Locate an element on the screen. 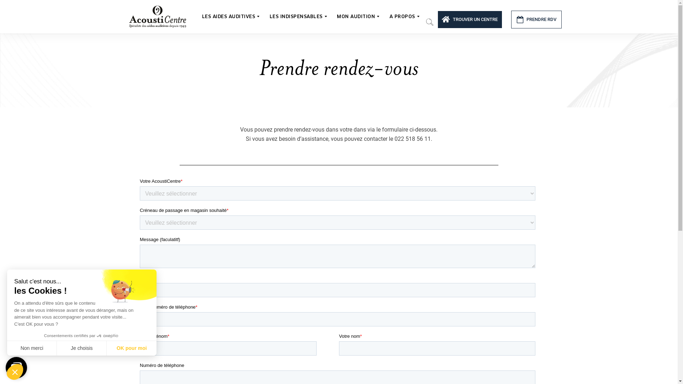 The width and height of the screenshot is (683, 384). 'A PROPOS' is located at coordinates (404, 16).